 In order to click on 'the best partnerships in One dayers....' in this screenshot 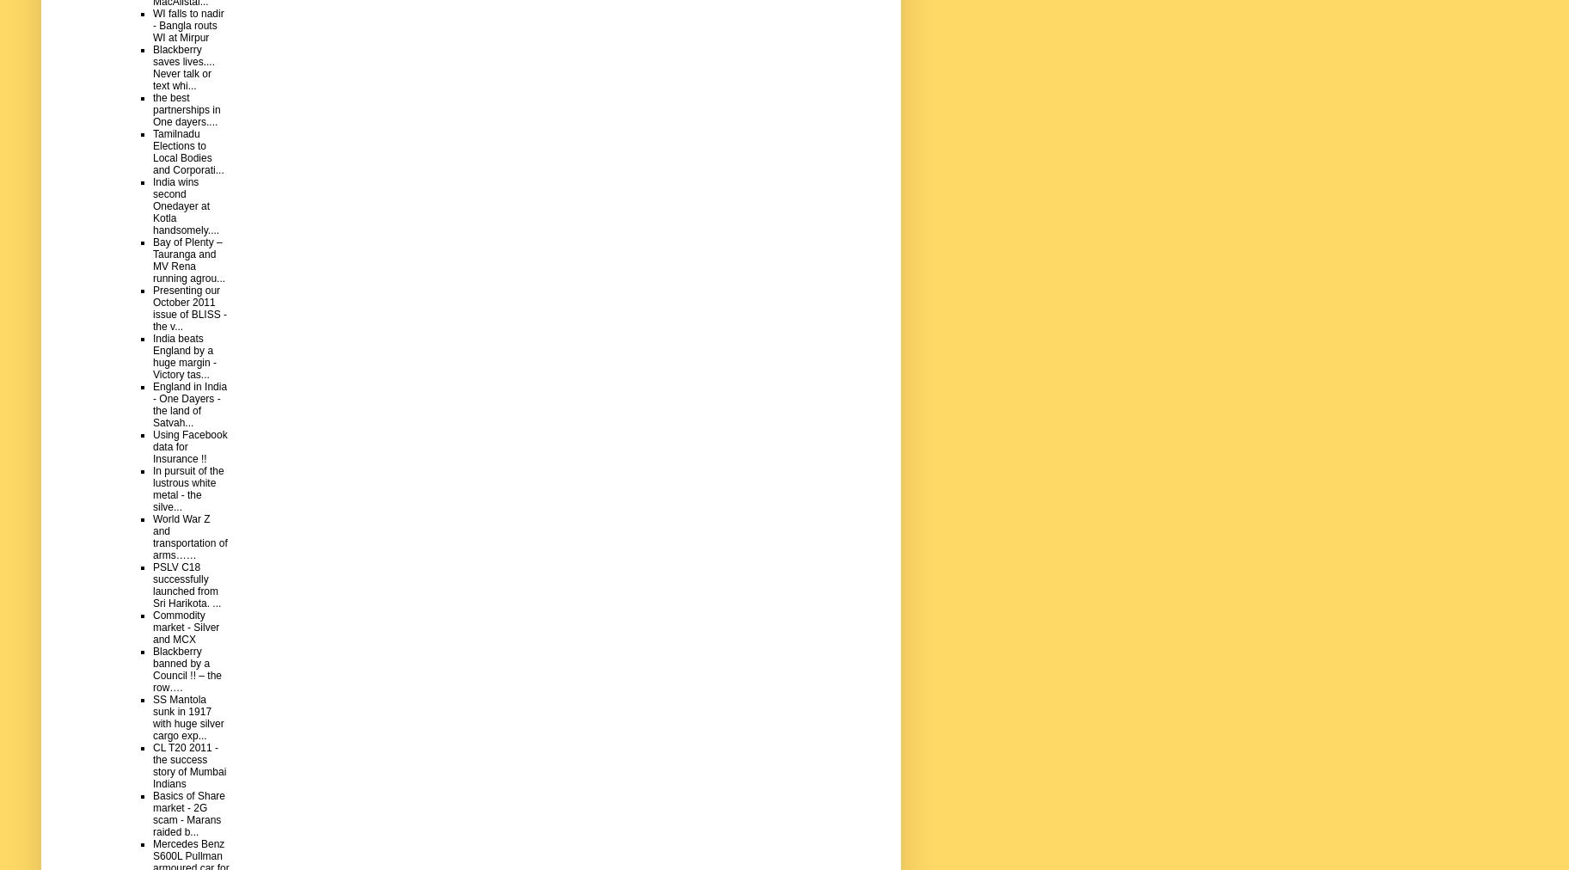, I will do `click(186, 108)`.